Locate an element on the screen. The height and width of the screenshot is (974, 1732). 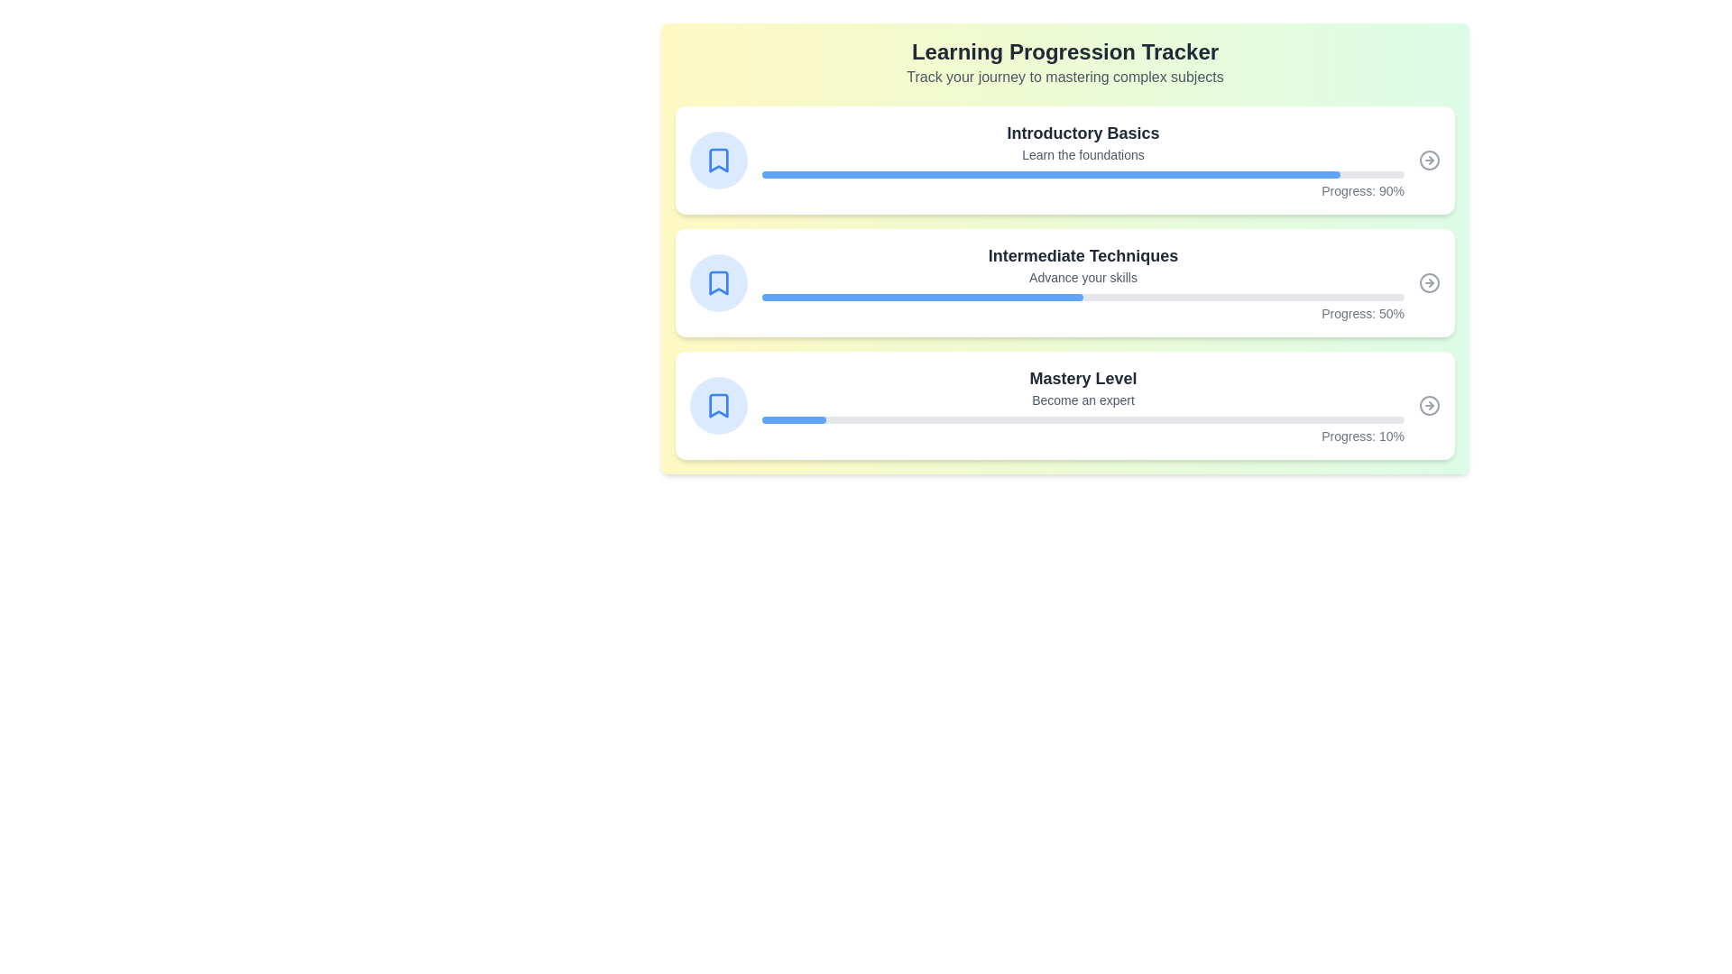
the content block displaying 'Mastery Level' with a progress indicator showing 10% progress is located at coordinates (1082, 406).